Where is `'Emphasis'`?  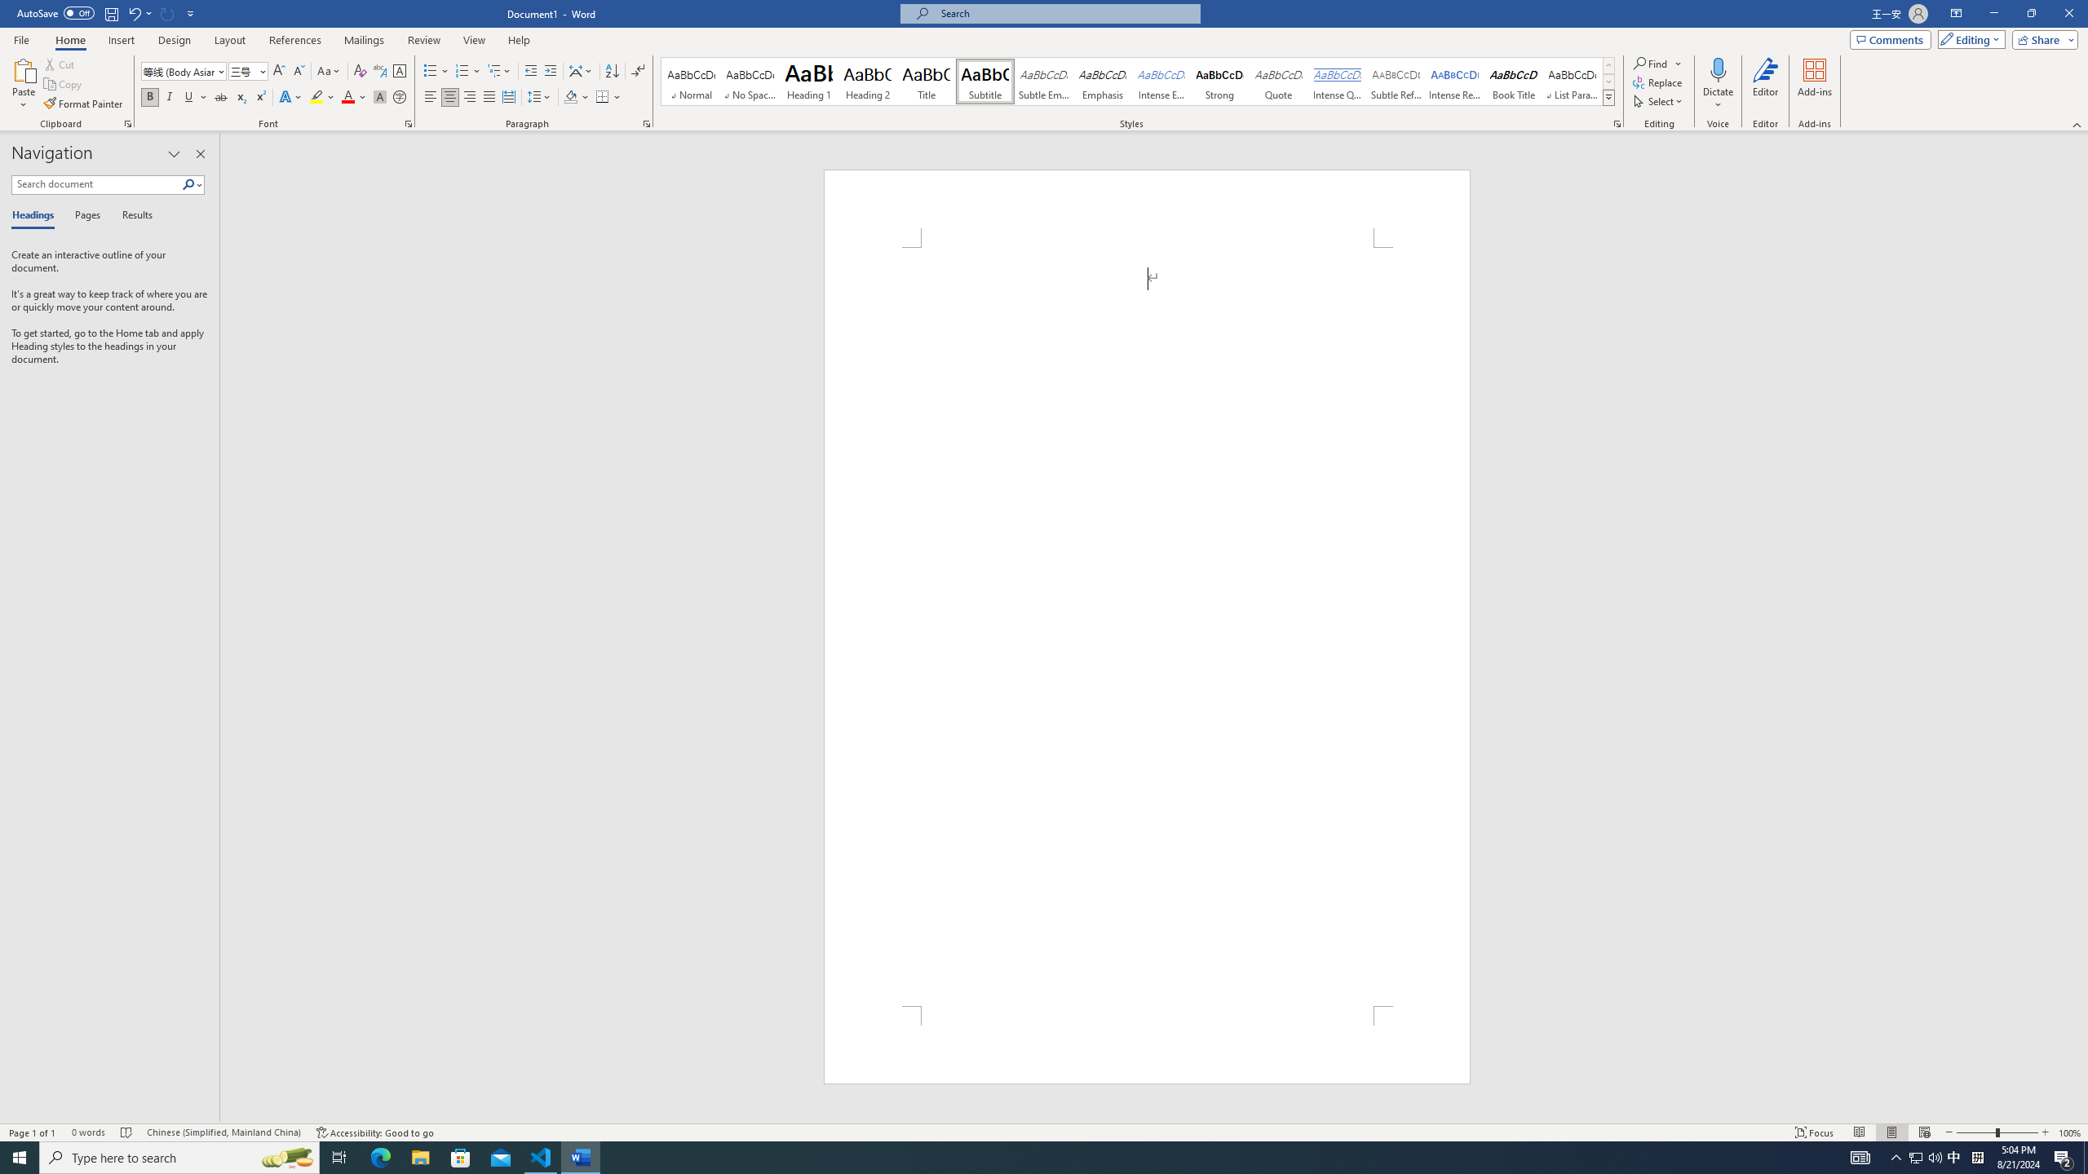
'Emphasis' is located at coordinates (1101, 81).